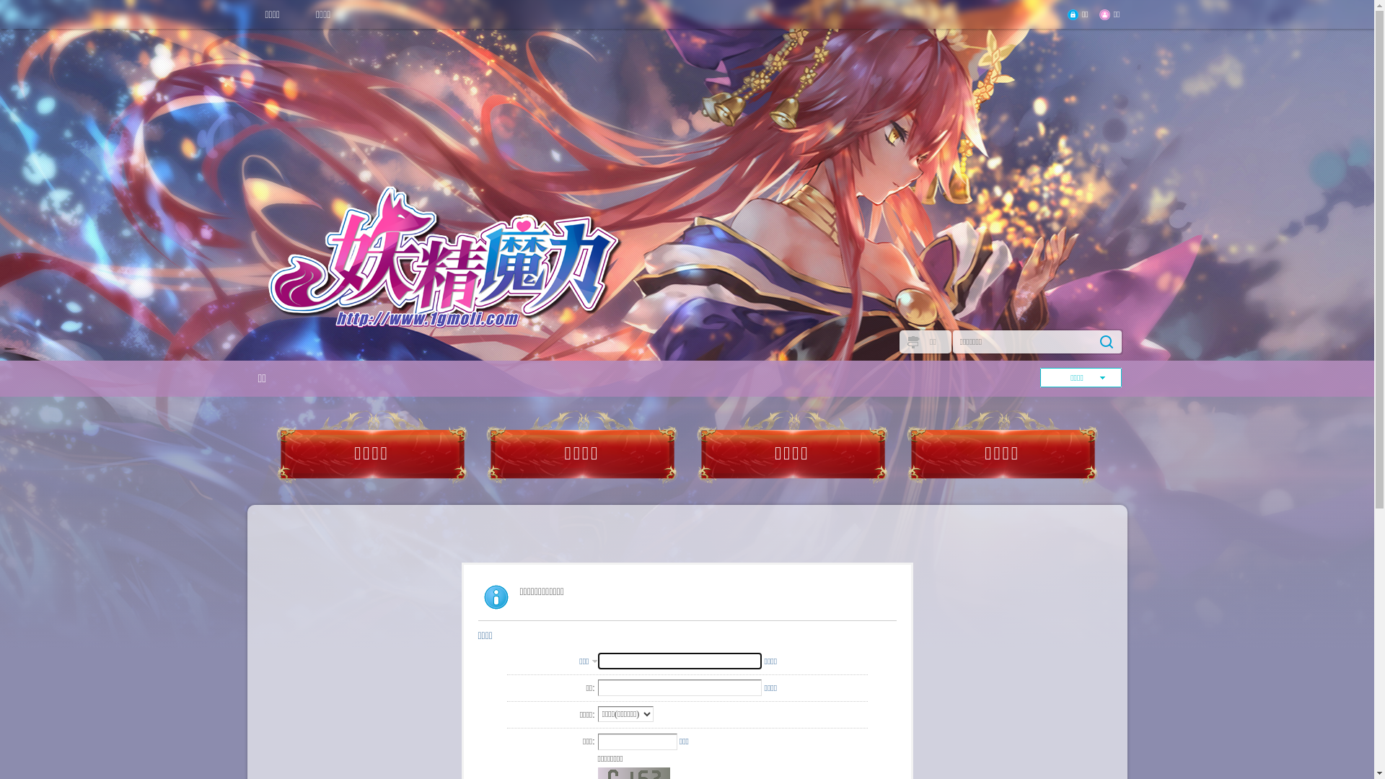  What do you see at coordinates (1104, 342) in the screenshot?
I see `'true'` at bounding box center [1104, 342].